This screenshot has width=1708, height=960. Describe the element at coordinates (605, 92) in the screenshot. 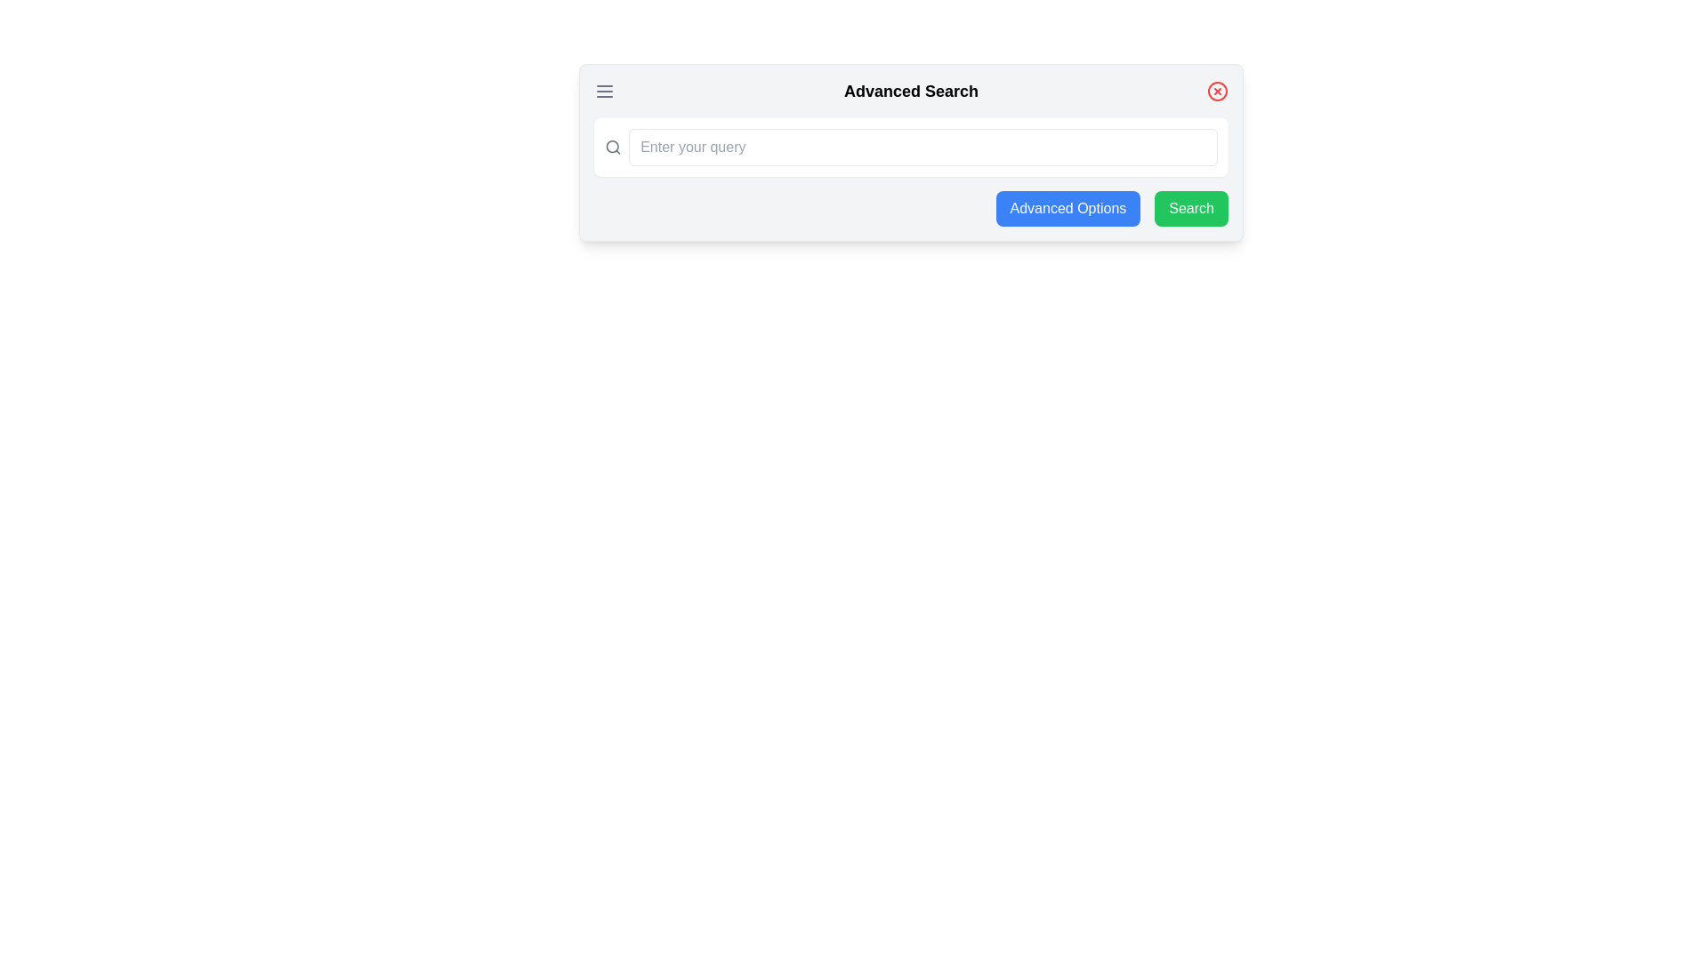

I see `the menu trigger icon located at the far left of the header bar containing the title 'Advanced Search'` at that location.